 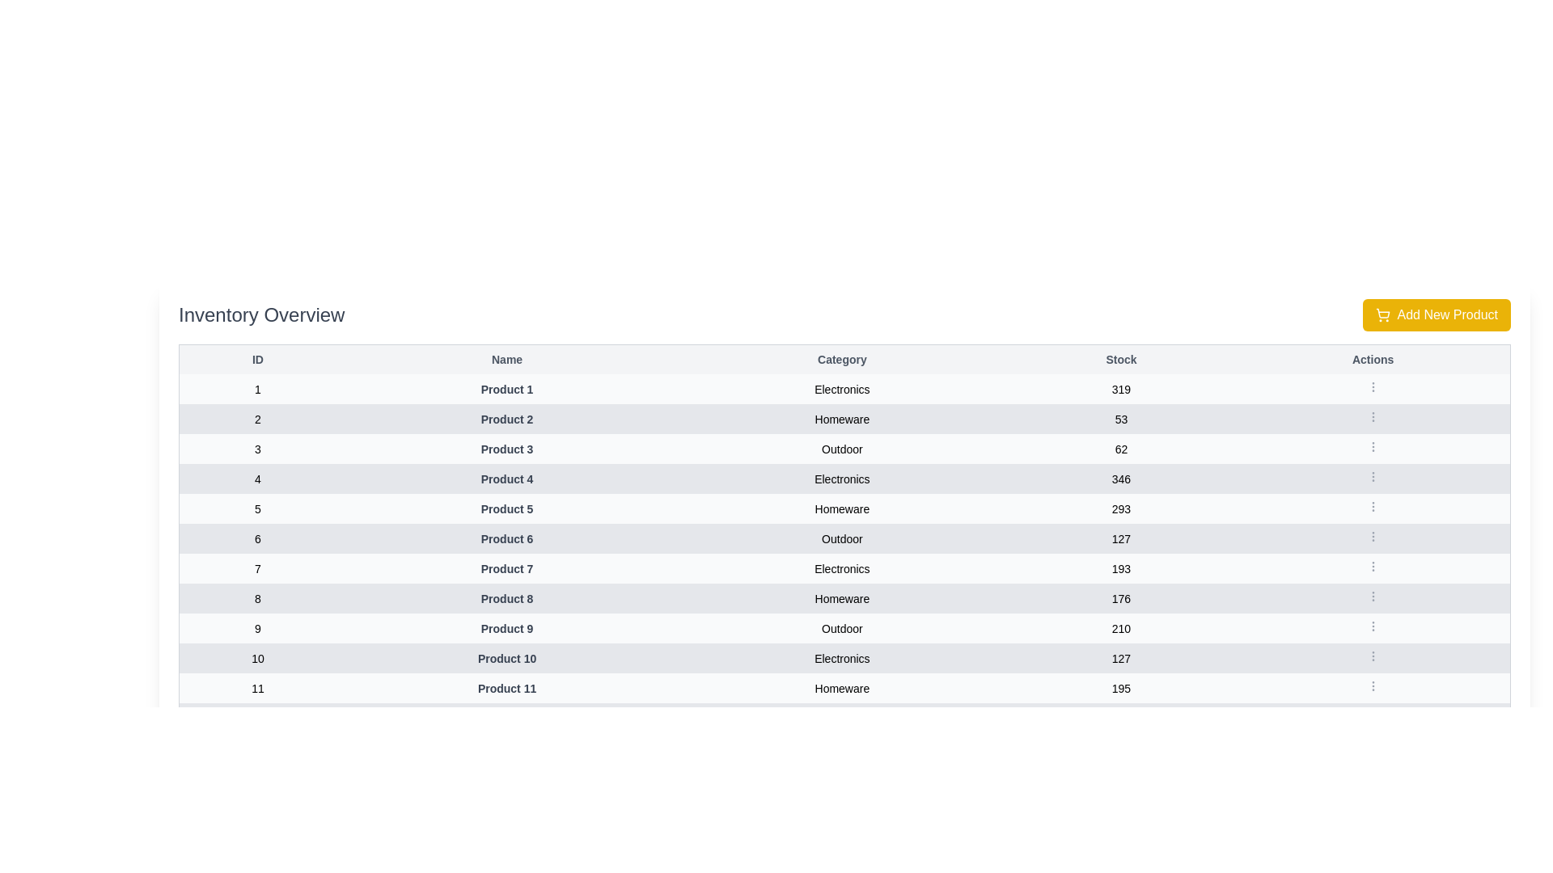 What do you see at coordinates (1437, 314) in the screenshot?
I see `the 'Add New Product' button to open the product addition form` at bounding box center [1437, 314].